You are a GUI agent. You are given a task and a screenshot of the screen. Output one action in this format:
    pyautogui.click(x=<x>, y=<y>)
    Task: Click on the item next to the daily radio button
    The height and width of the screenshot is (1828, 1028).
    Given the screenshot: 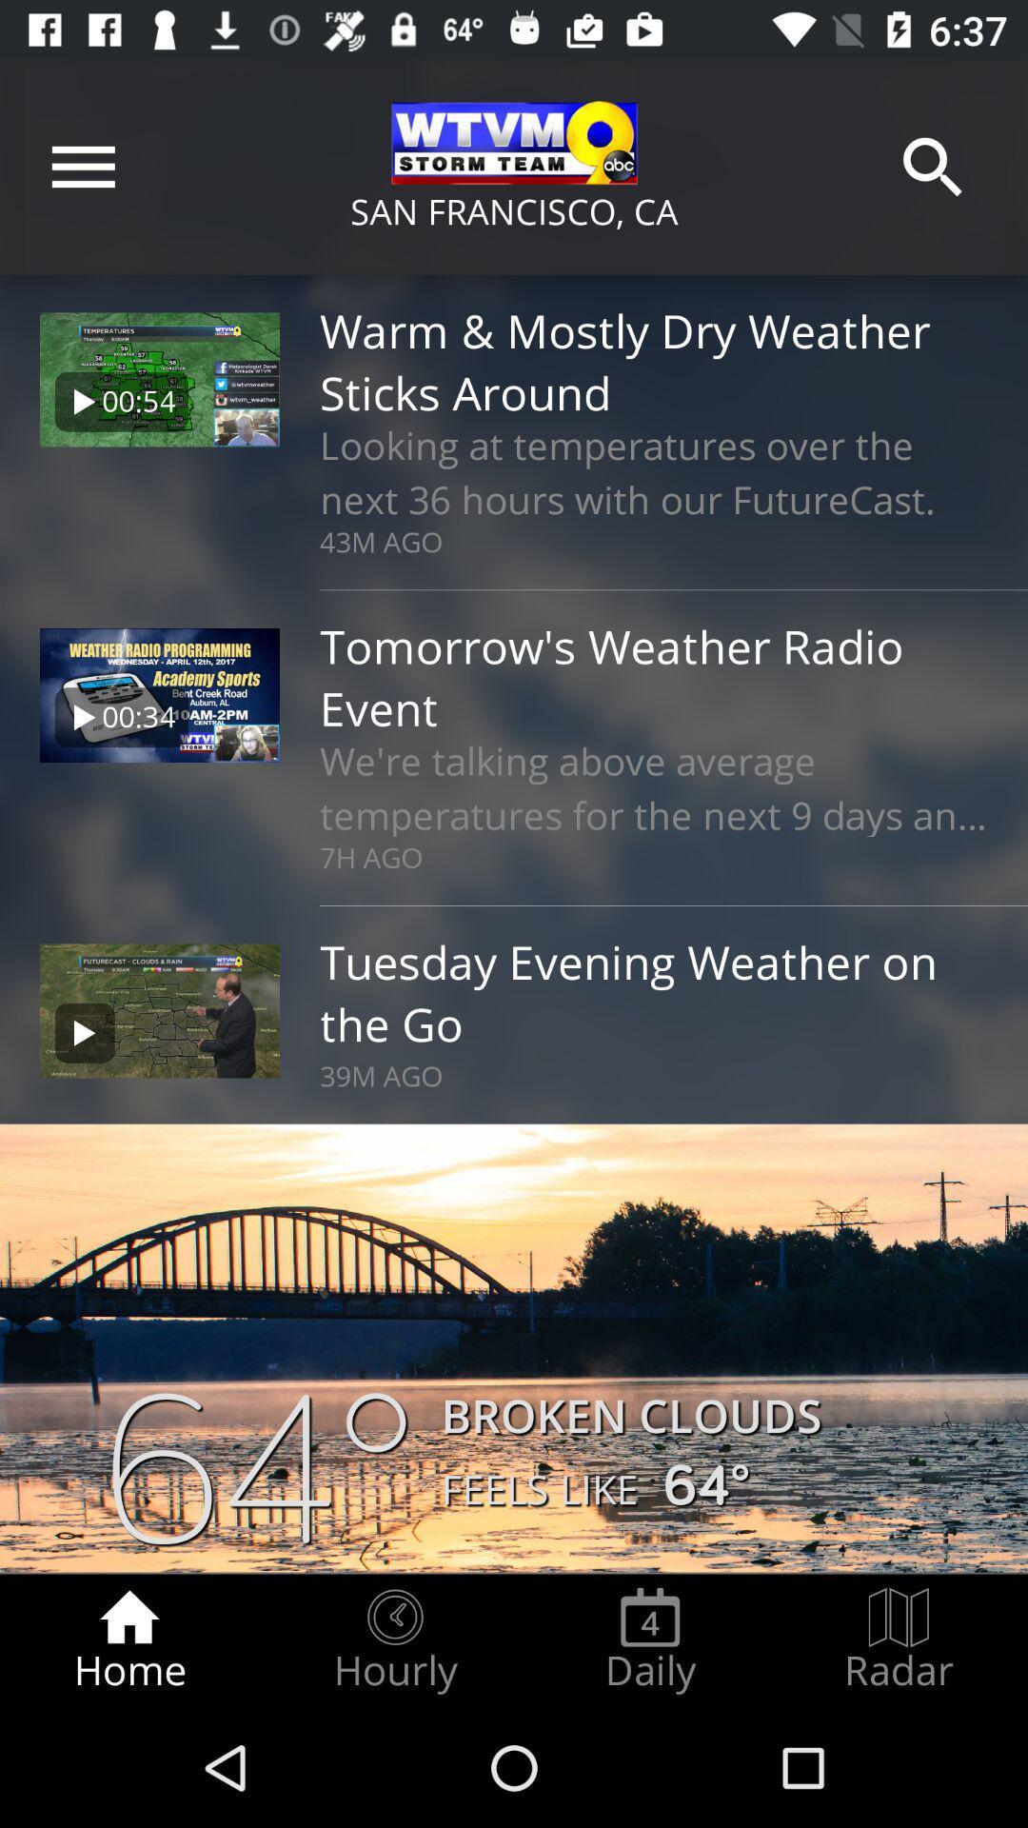 What is the action you would take?
    pyautogui.click(x=899, y=1639)
    